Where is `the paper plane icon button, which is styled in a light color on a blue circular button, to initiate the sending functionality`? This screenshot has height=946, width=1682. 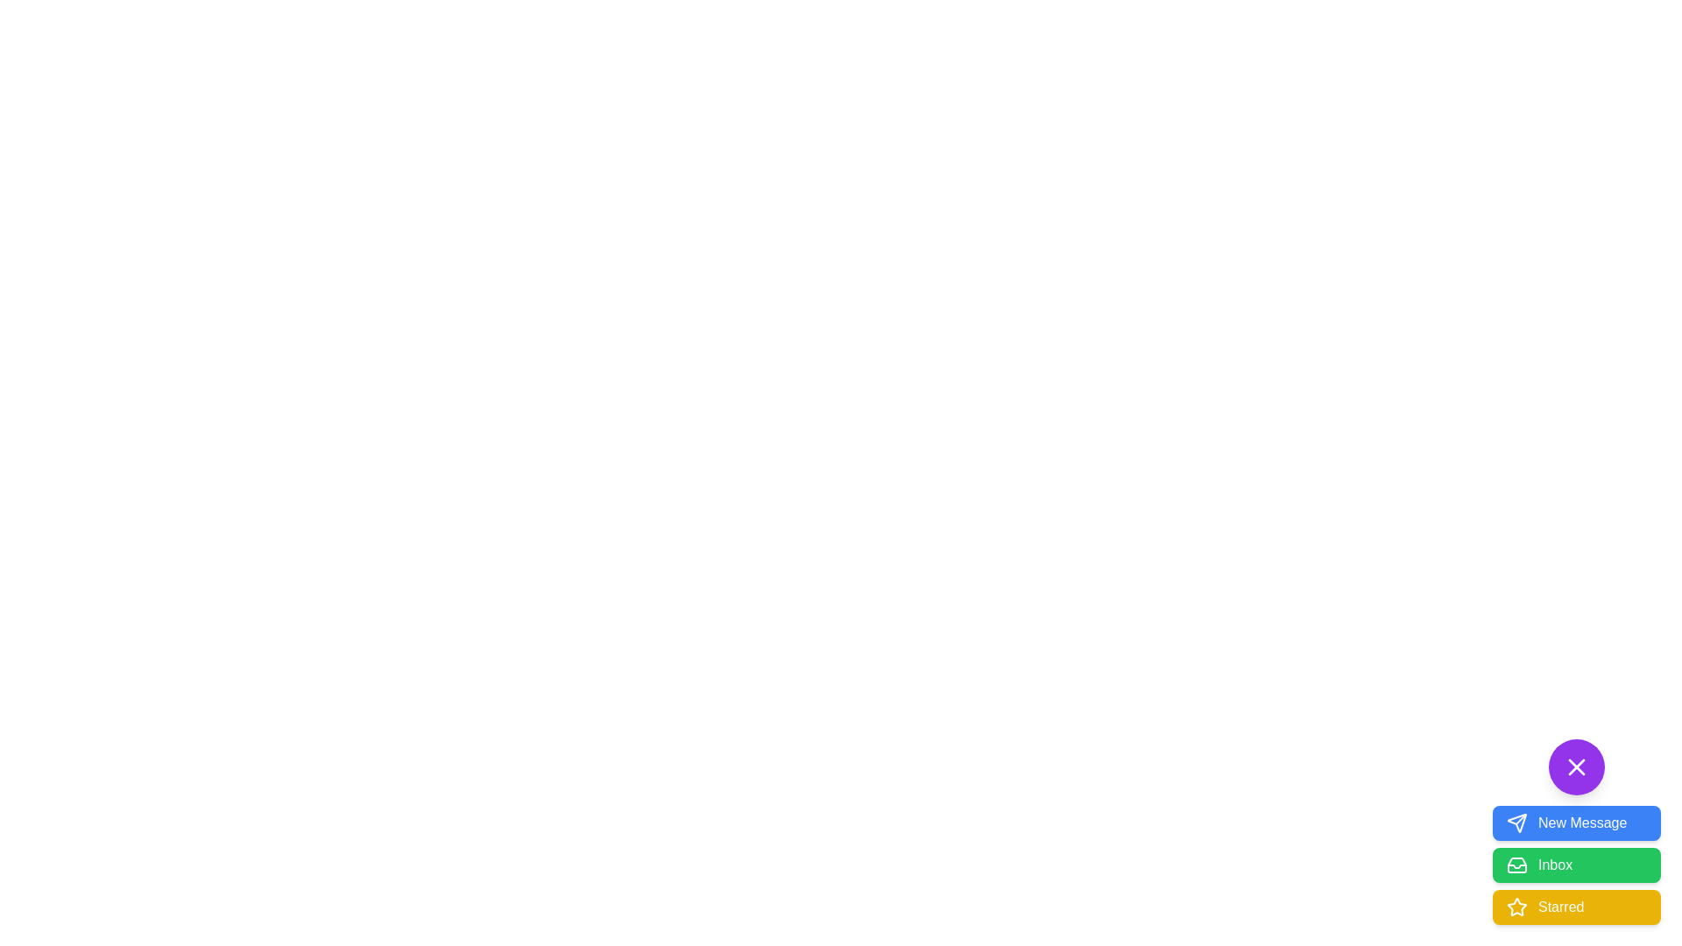 the paper plane icon button, which is styled in a light color on a blue circular button, to initiate the sending functionality is located at coordinates (1516, 823).